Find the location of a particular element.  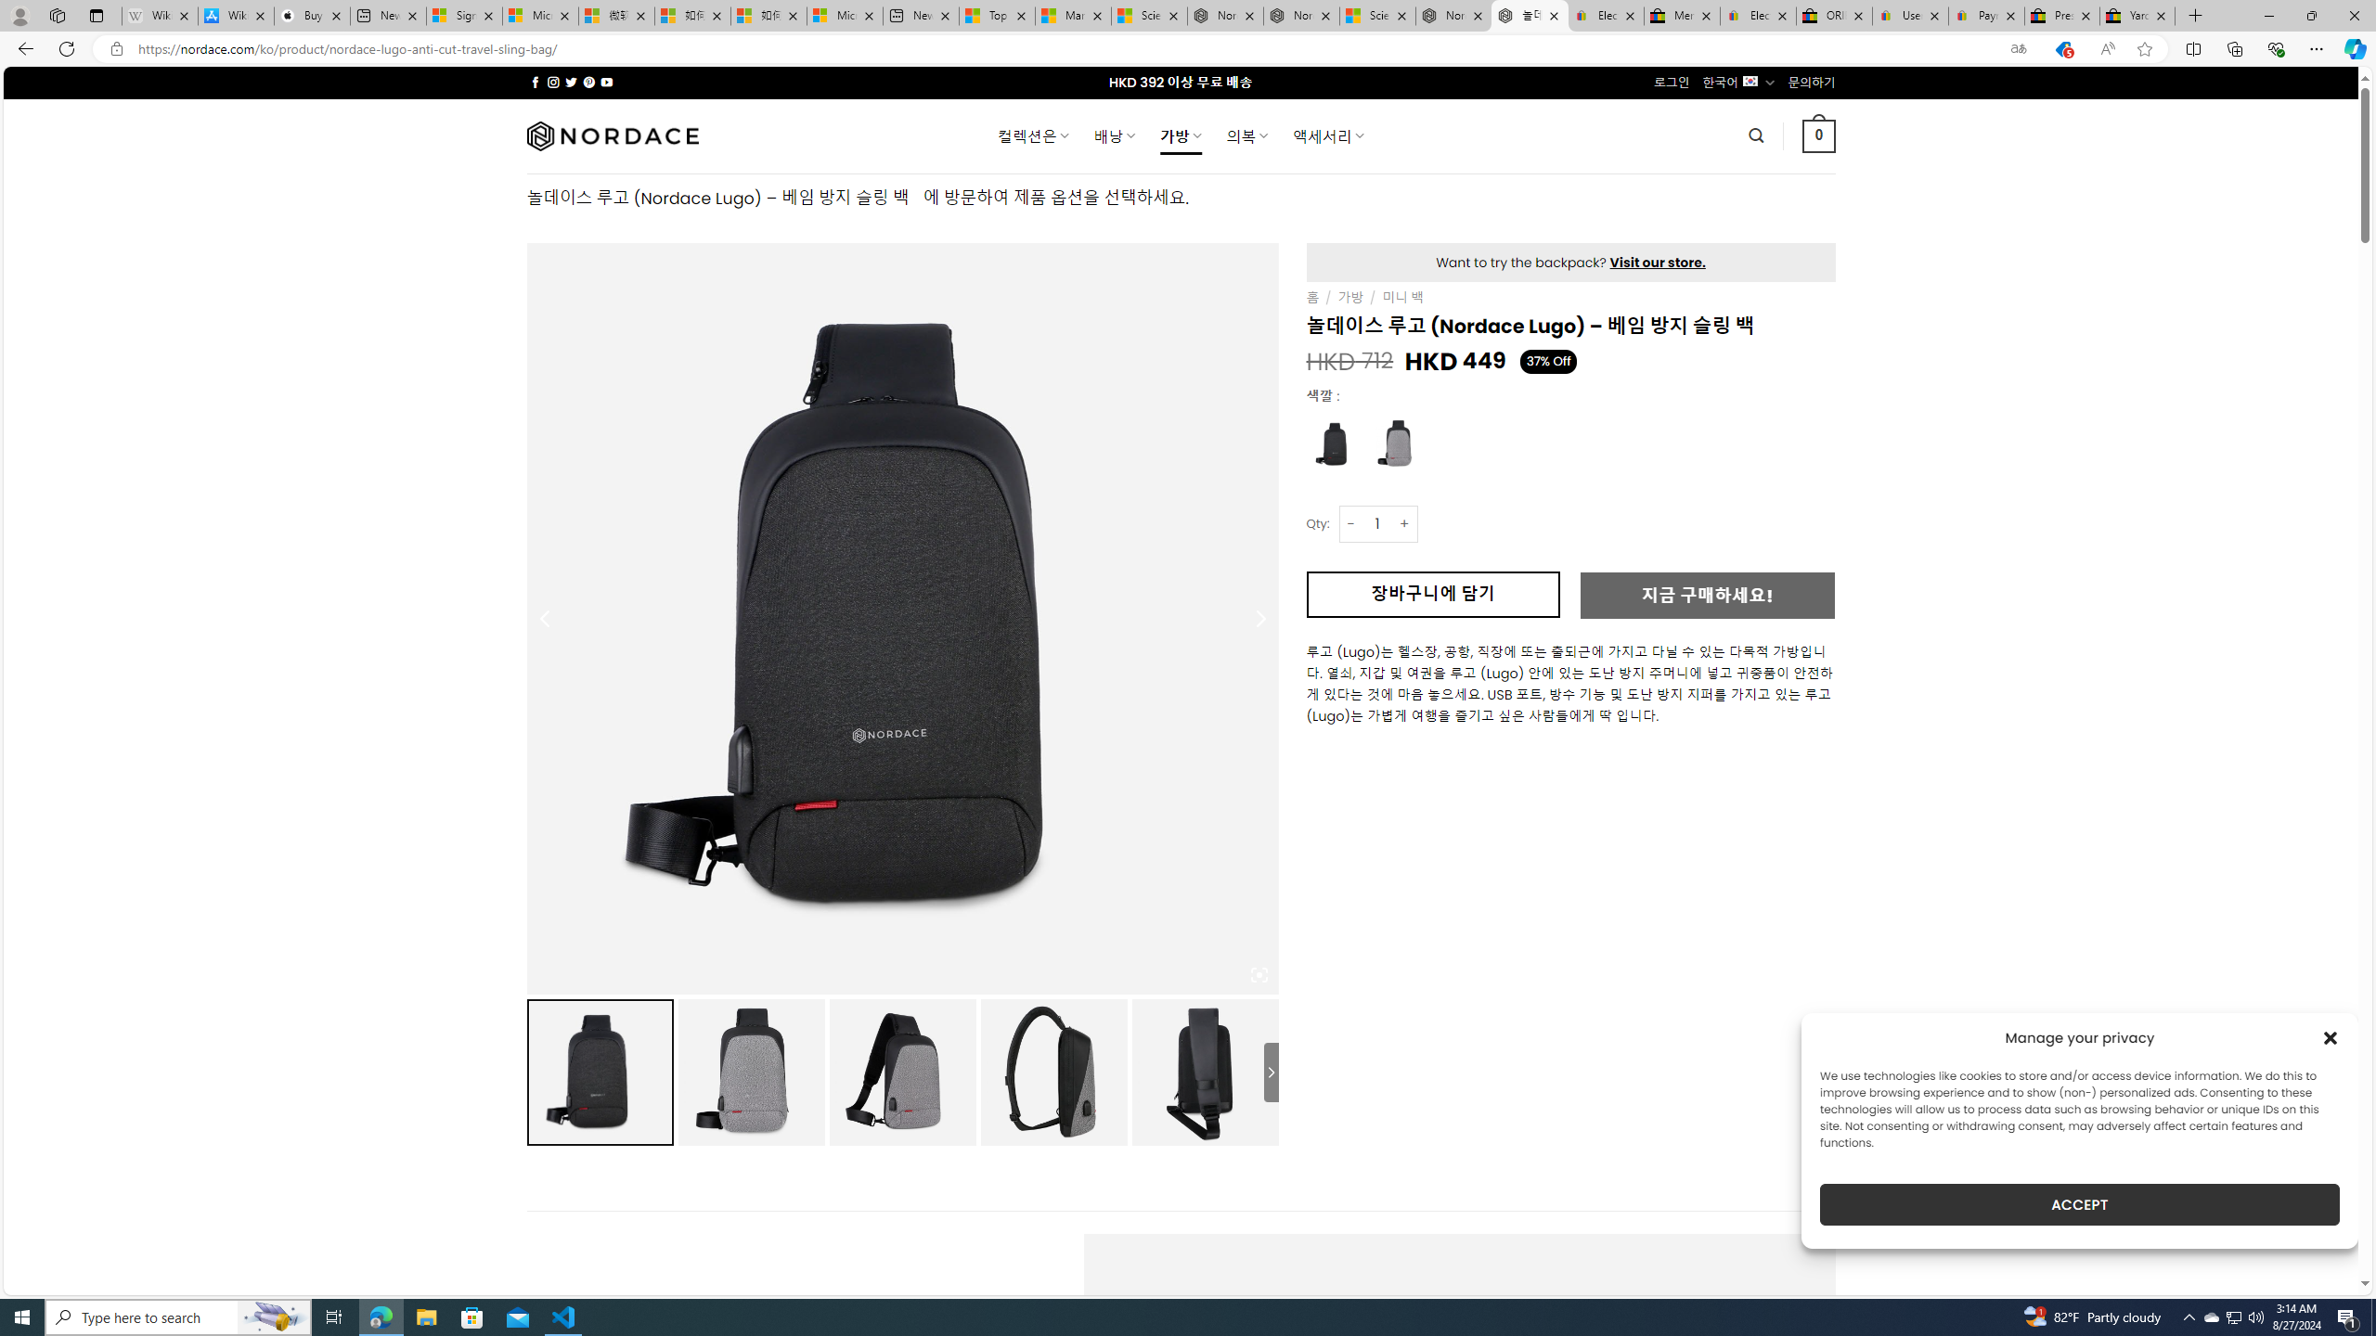

'ACCEPT' is located at coordinates (2080, 1204).